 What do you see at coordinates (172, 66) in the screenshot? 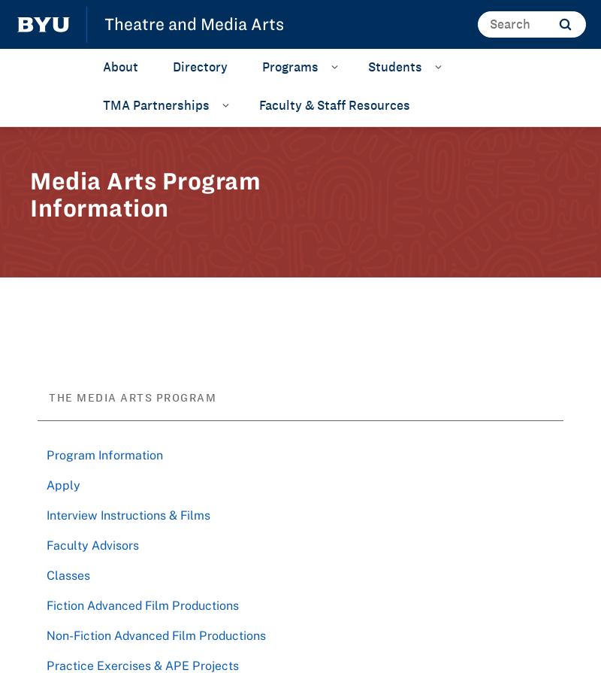
I see `'Directory'` at bounding box center [172, 66].